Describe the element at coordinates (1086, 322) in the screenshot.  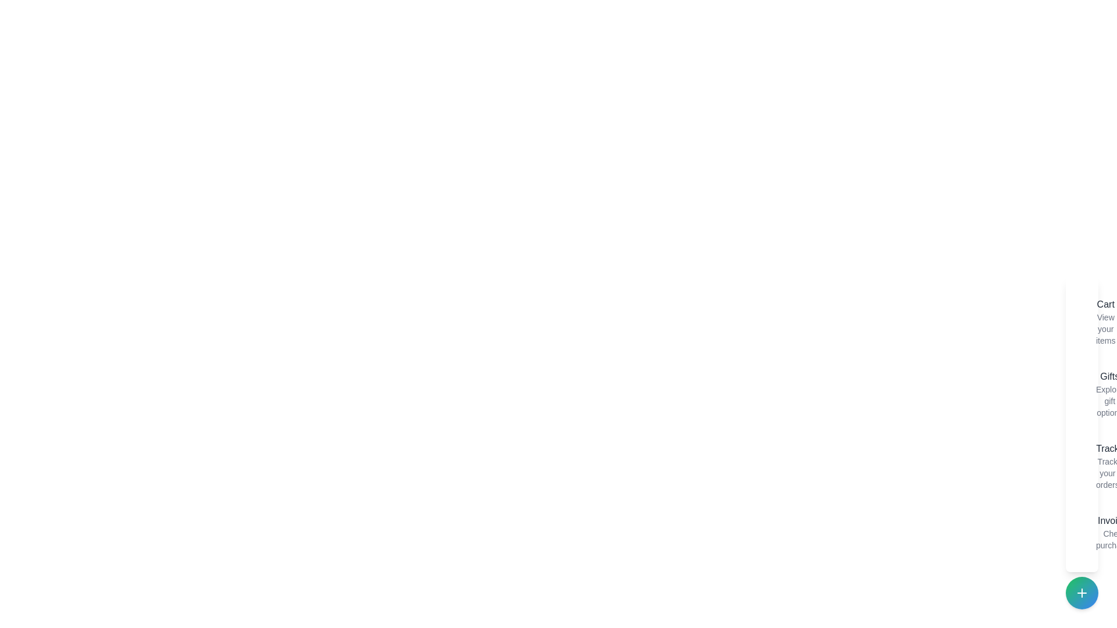
I see `the option Cart from the menu` at that location.